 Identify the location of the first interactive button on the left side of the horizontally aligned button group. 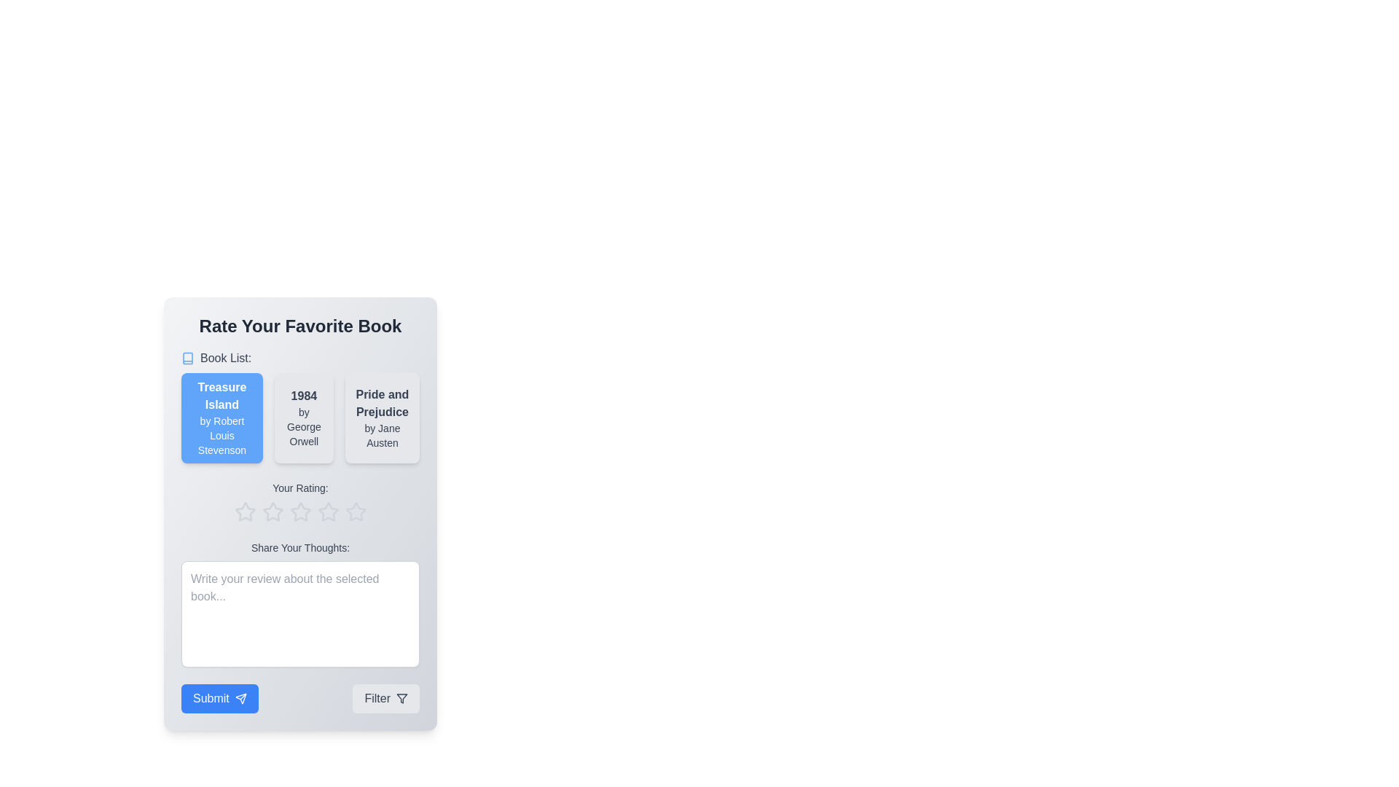
(219, 698).